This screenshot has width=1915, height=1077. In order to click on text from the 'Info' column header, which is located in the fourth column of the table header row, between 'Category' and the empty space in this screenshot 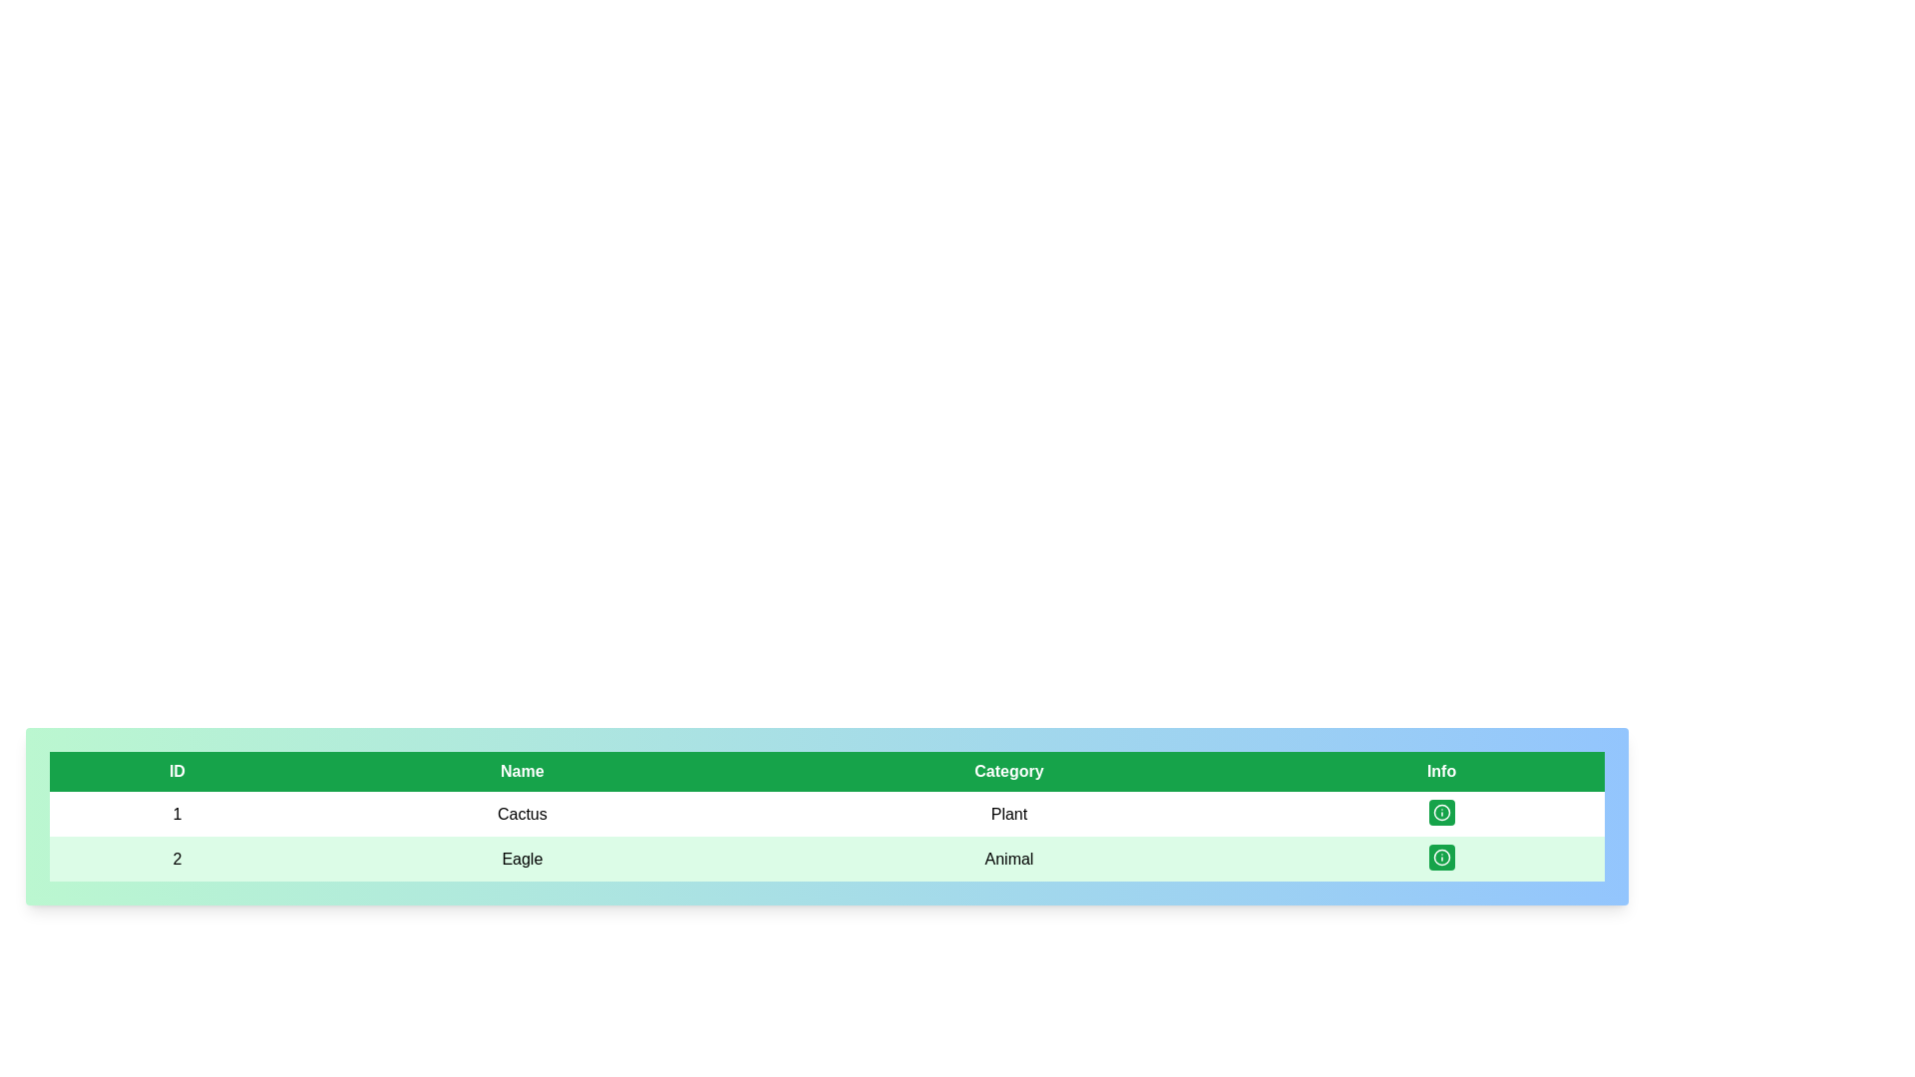, I will do `click(1441, 771)`.